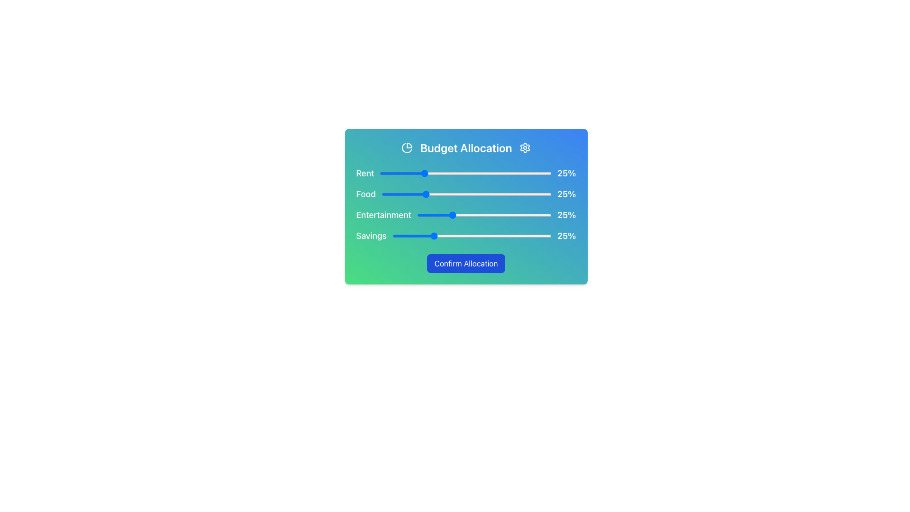 The image size is (910, 512). Describe the element at coordinates (515, 174) in the screenshot. I see `the 'Rent' allocation slider` at that location.